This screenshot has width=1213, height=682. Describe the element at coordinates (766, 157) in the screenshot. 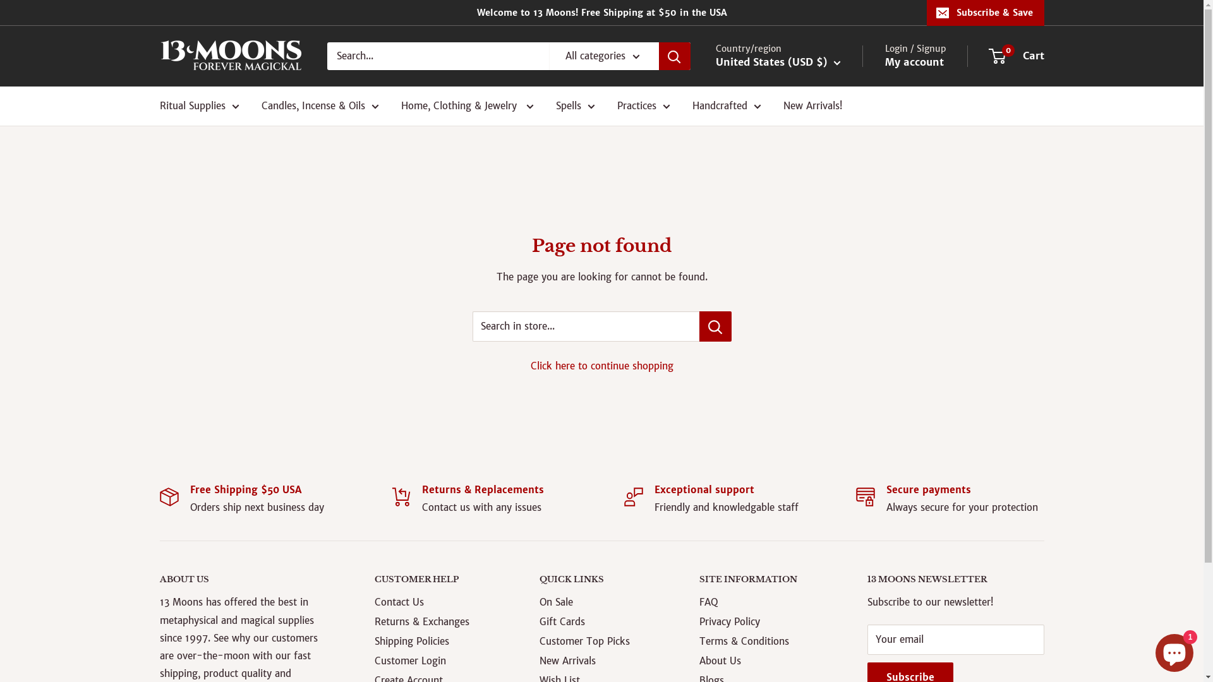

I see `'CZ'` at that location.